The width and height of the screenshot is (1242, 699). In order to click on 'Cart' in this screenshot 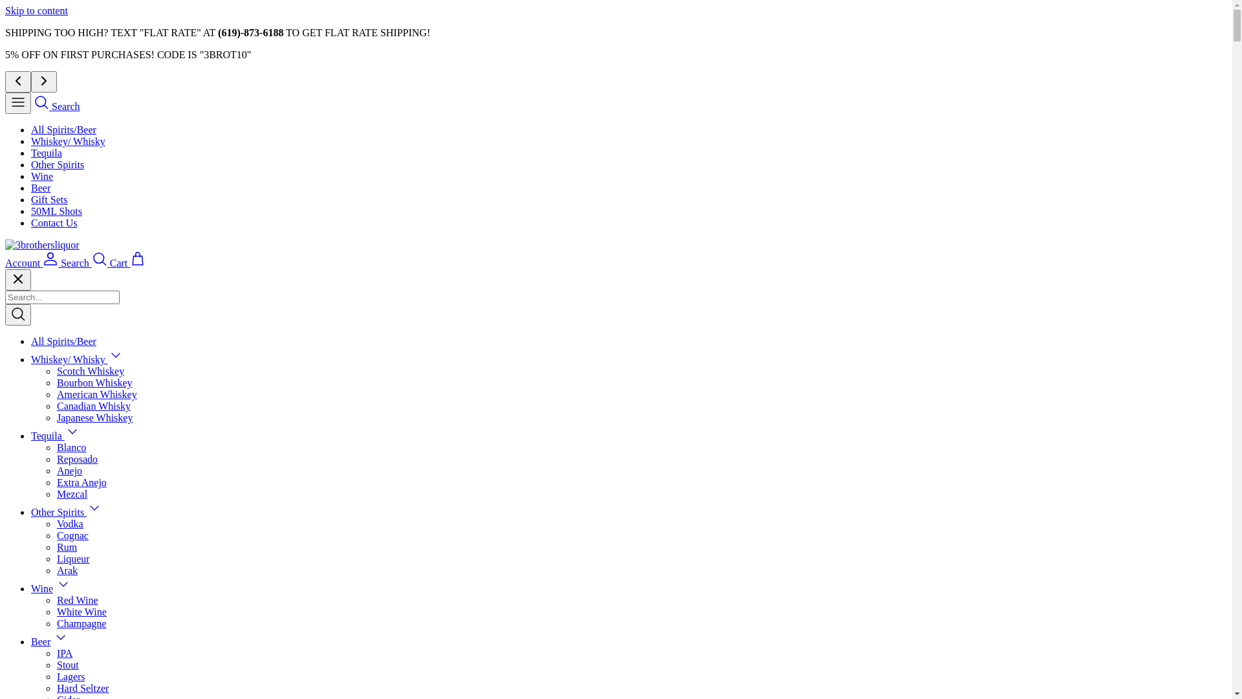, I will do `click(127, 262)`.